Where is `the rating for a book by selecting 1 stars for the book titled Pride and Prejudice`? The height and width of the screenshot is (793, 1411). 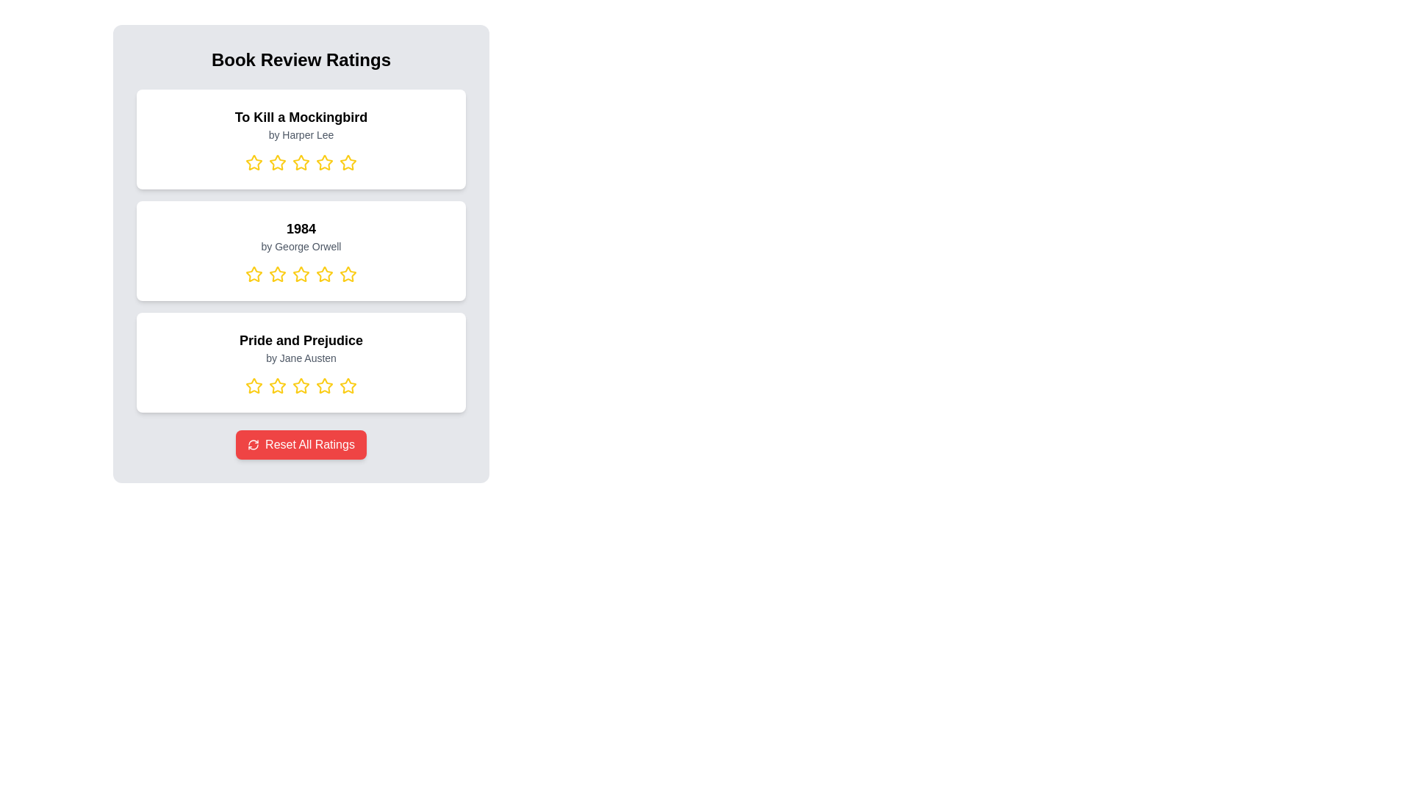
the rating for a book by selecting 1 stars for the book titled Pride and Prejudice is located at coordinates (254, 385).